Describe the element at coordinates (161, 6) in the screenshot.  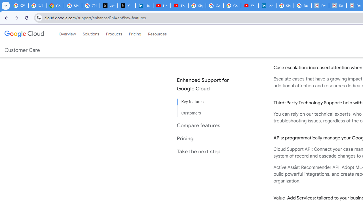
I see `'LinkedIn - YouTube'` at that location.